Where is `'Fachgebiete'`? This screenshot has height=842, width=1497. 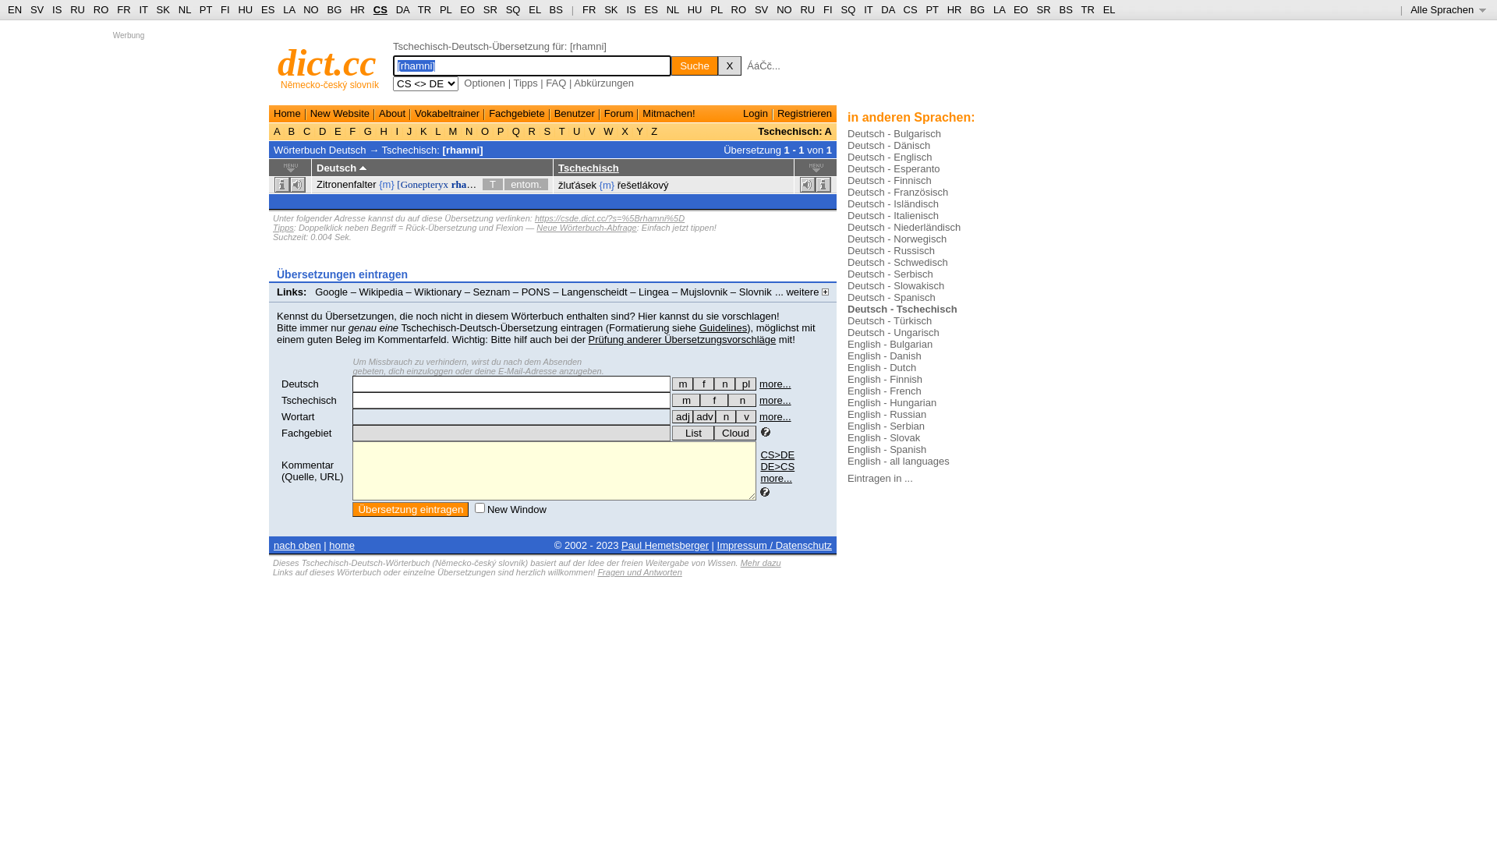 'Fachgebiete' is located at coordinates (488, 112).